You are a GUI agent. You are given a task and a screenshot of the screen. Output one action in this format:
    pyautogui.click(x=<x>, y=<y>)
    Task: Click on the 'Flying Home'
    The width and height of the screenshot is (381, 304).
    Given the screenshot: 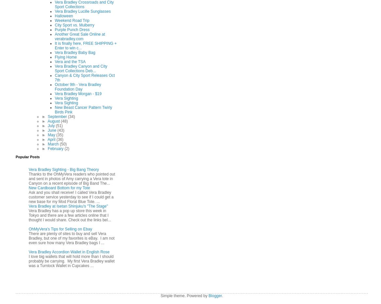 What is the action you would take?
    pyautogui.click(x=66, y=57)
    